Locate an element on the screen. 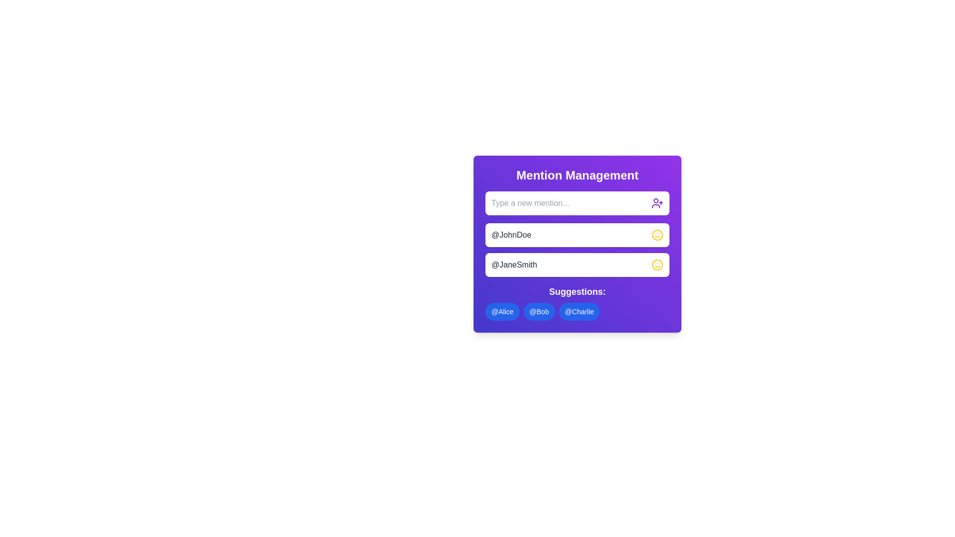  the text label displaying '@JaneSmith', which is located in the second row of mentions in the 'Mention Management' box is located at coordinates (514, 264).